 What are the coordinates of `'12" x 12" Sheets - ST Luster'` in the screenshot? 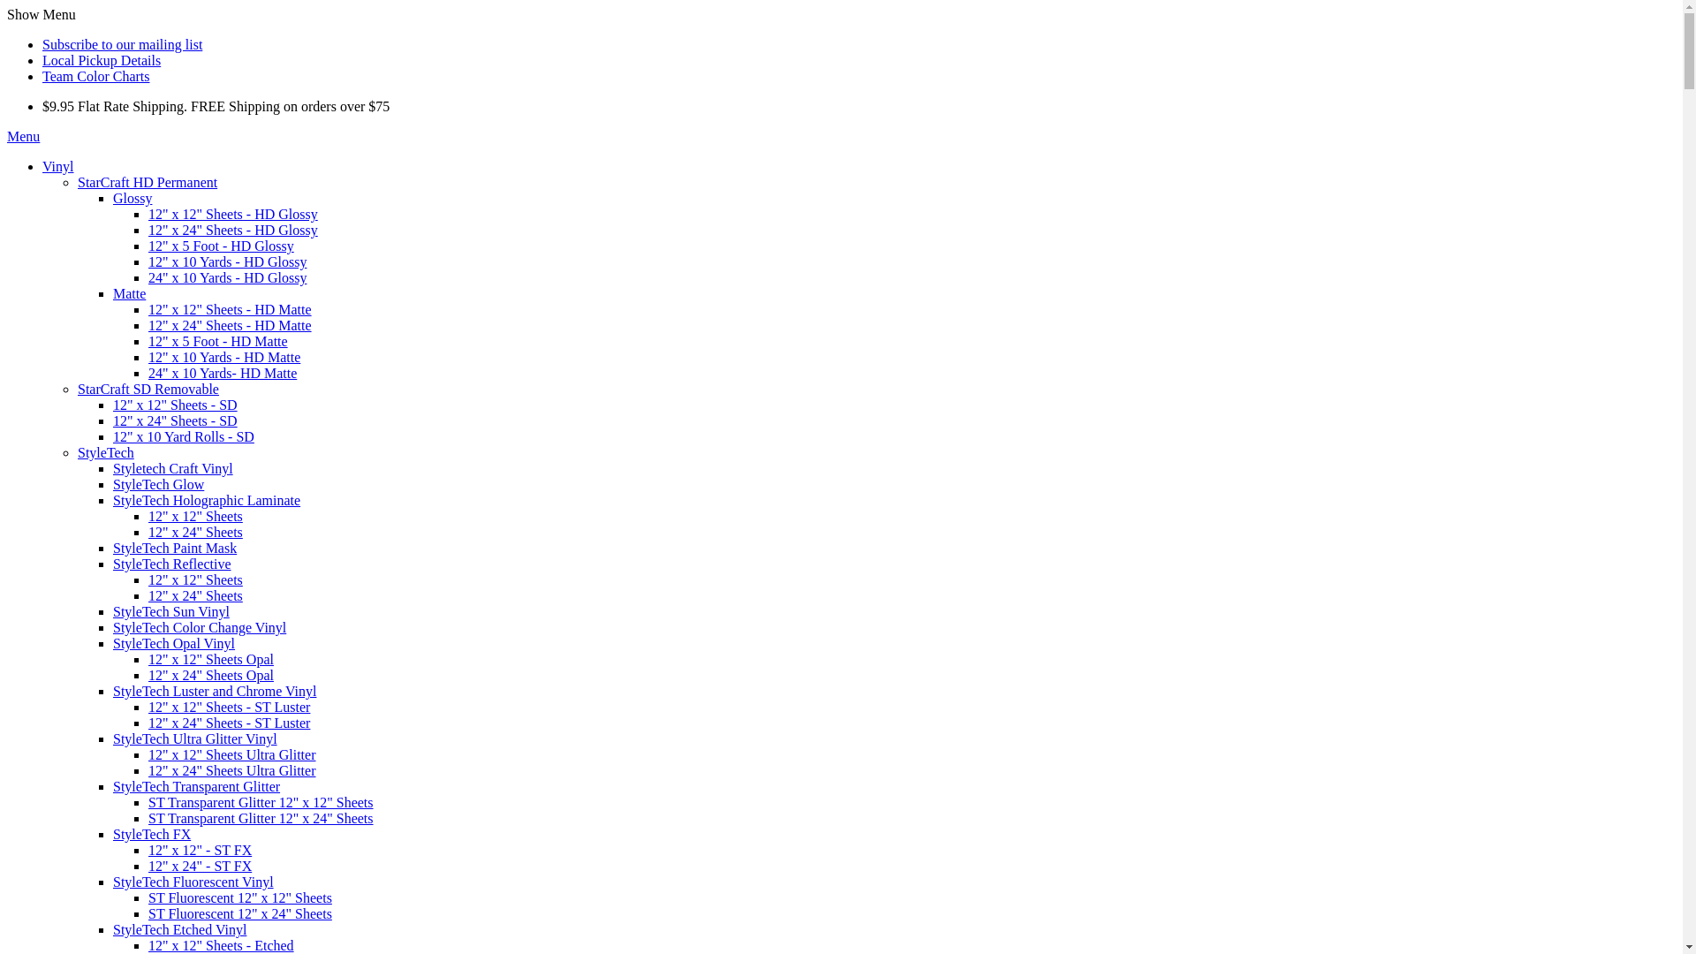 It's located at (228, 706).